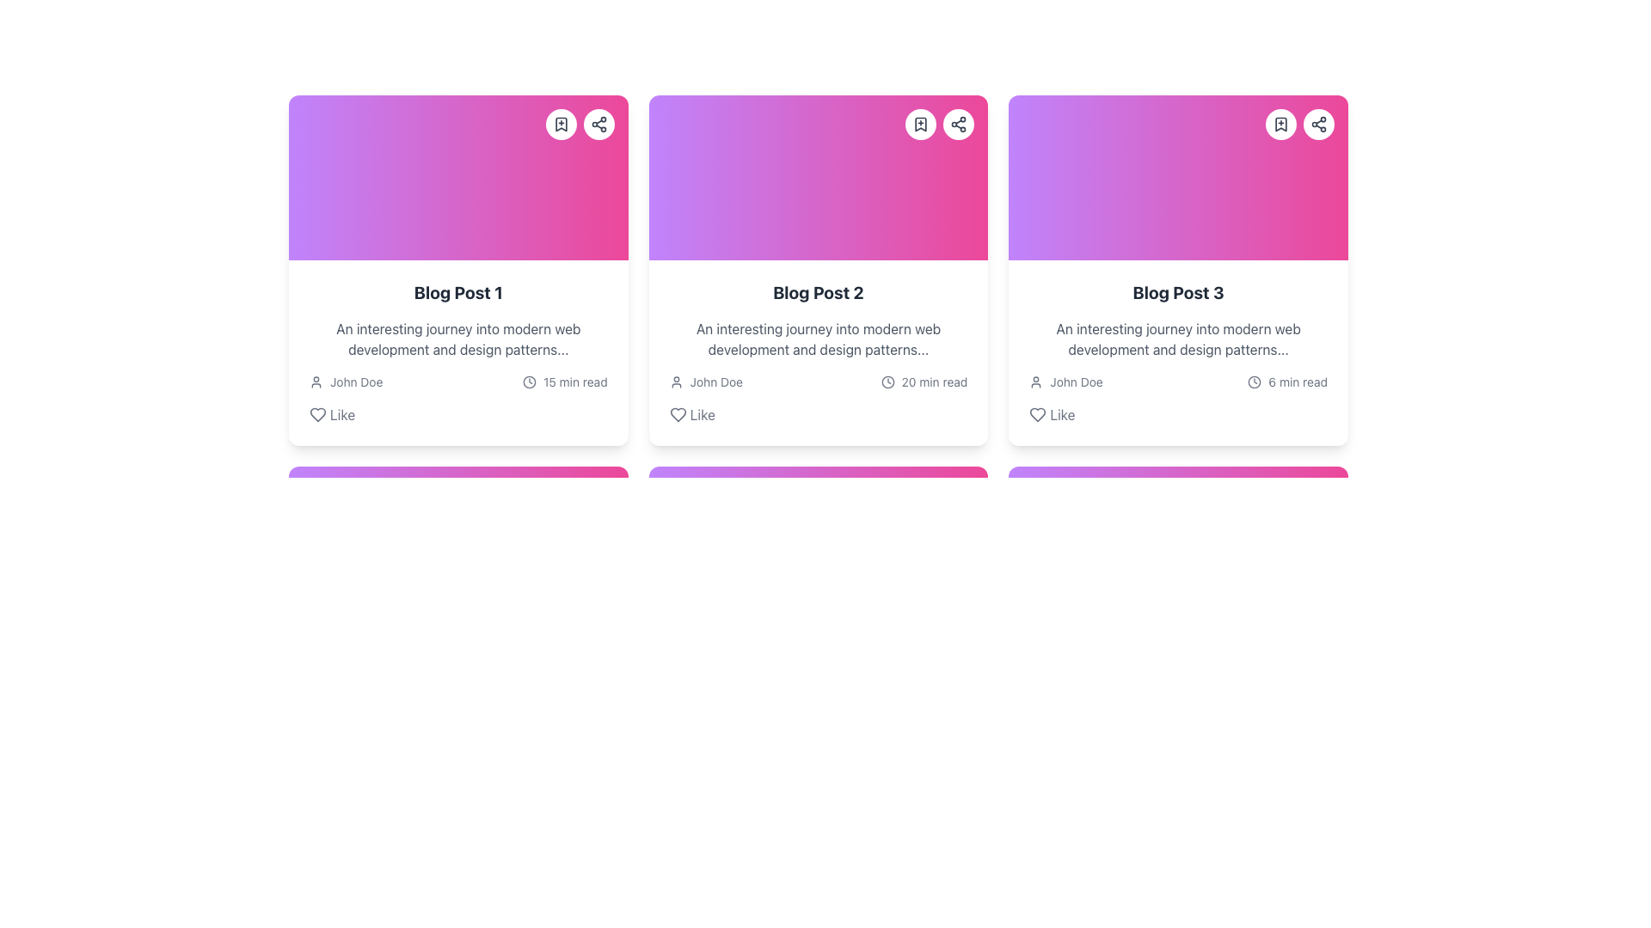 The width and height of the screenshot is (1651, 928). What do you see at coordinates (1037, 414) in the screenshot?
I see `the icon button used for liking 'Blog Post 3'` at bounding box center [1037, 414].